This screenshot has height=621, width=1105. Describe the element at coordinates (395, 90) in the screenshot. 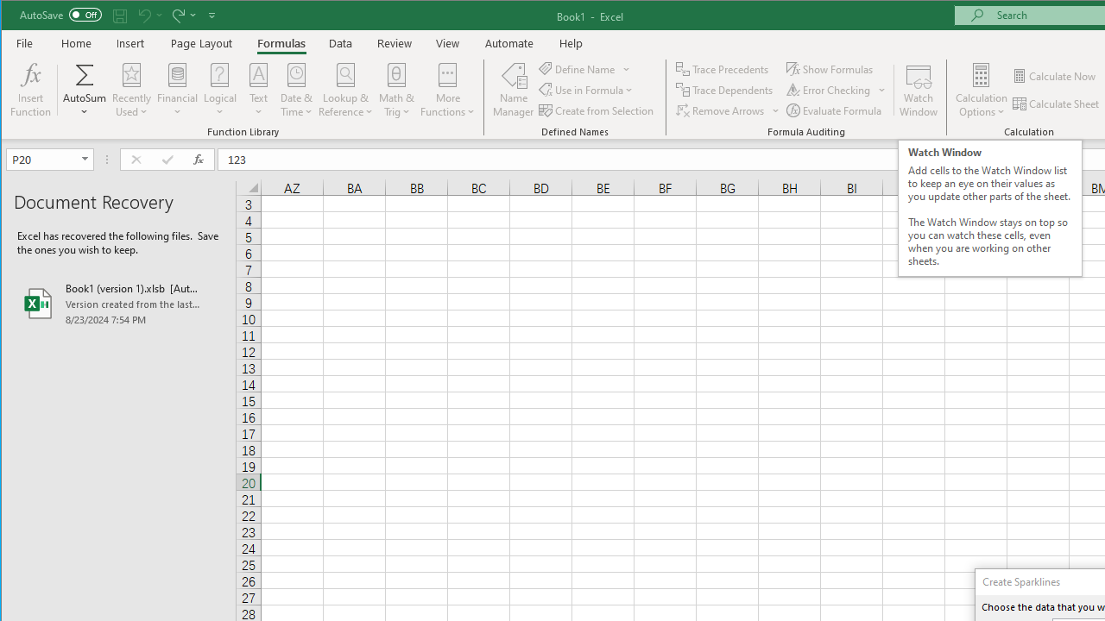

I see `'Math & Trig'` at that location.